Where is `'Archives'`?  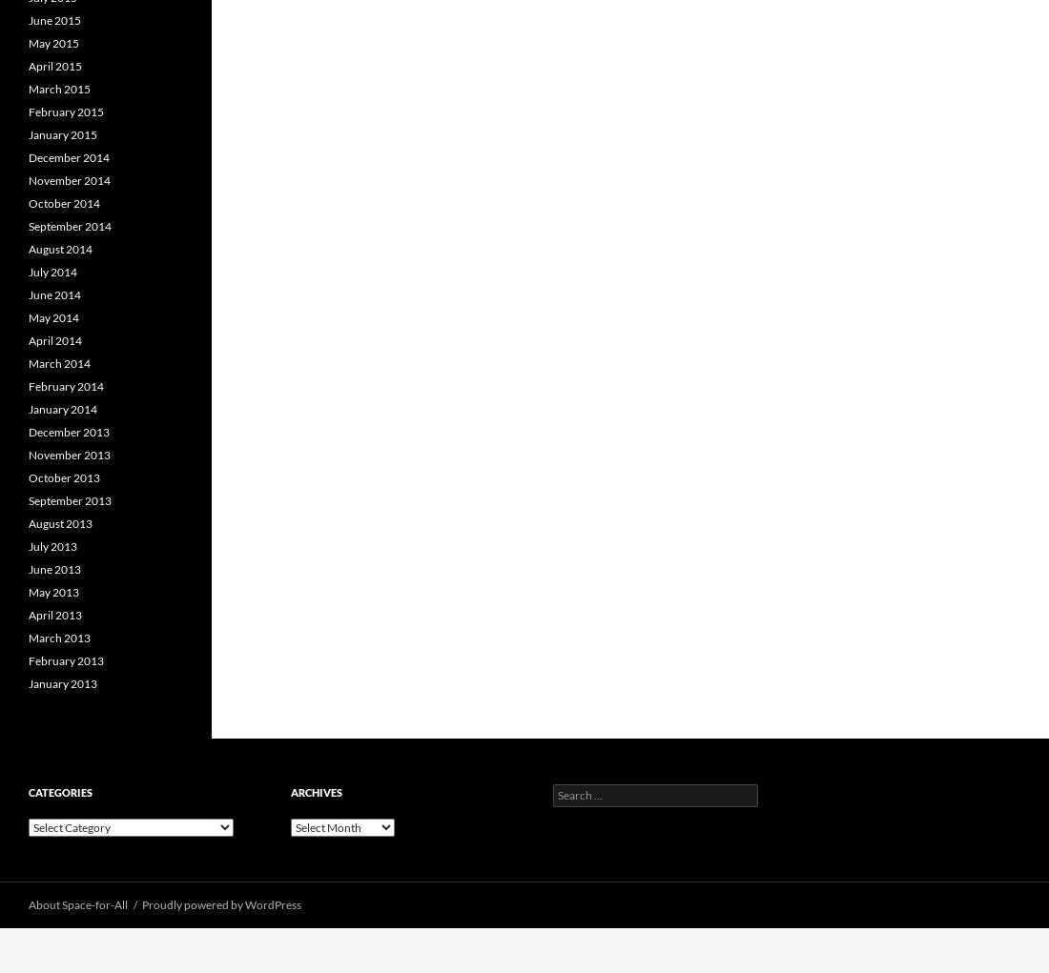 'Archives' is located at coordinates (315, 792).